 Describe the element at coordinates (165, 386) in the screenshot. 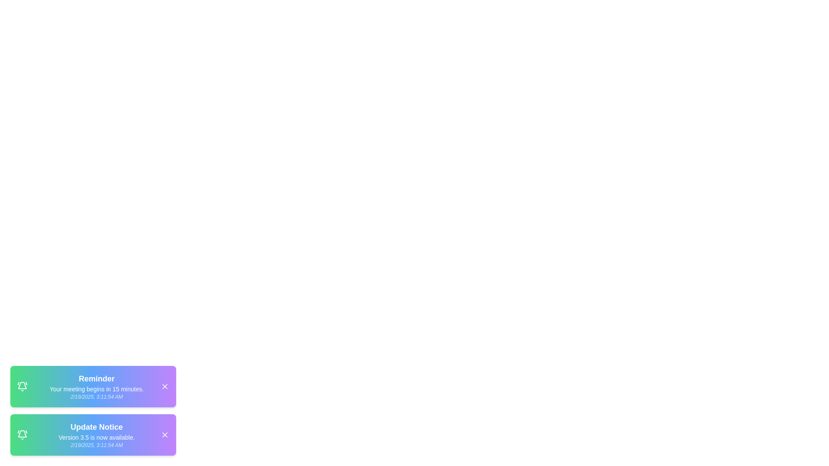

I see `the close button of the notification to dismiss it` at that location.